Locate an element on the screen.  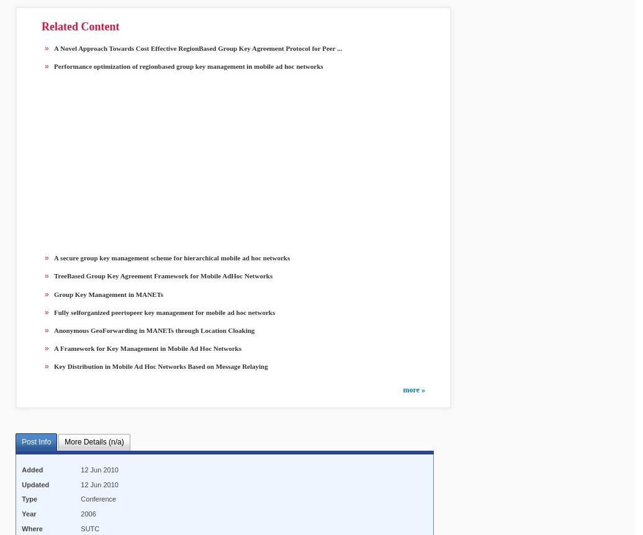
'A secure group key management scheme for hierarchical mobile ad hoc networks' is located at coordinates (172, 257).